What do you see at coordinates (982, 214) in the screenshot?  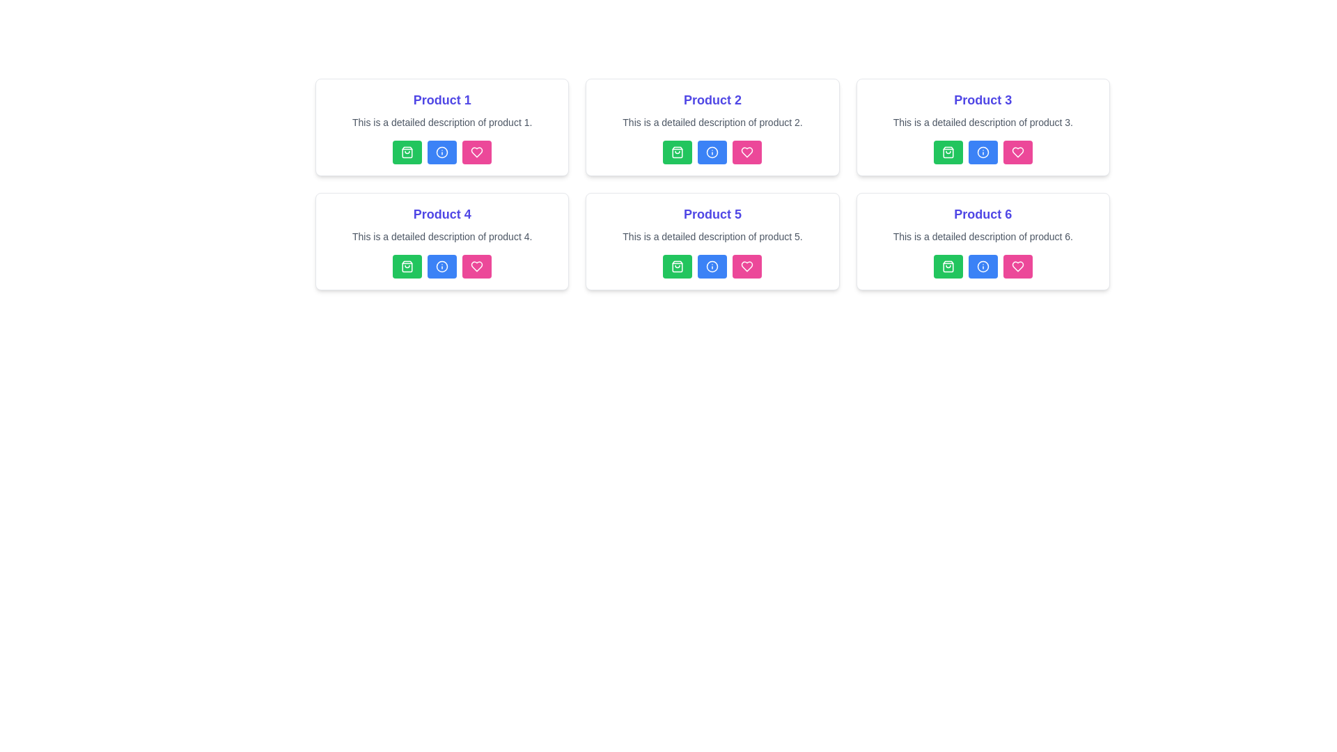 I see `the text label displaying 'Product 6' in large, bold indigo font, located in the second row and third column of the product grid` at bounding box center [982, 214].